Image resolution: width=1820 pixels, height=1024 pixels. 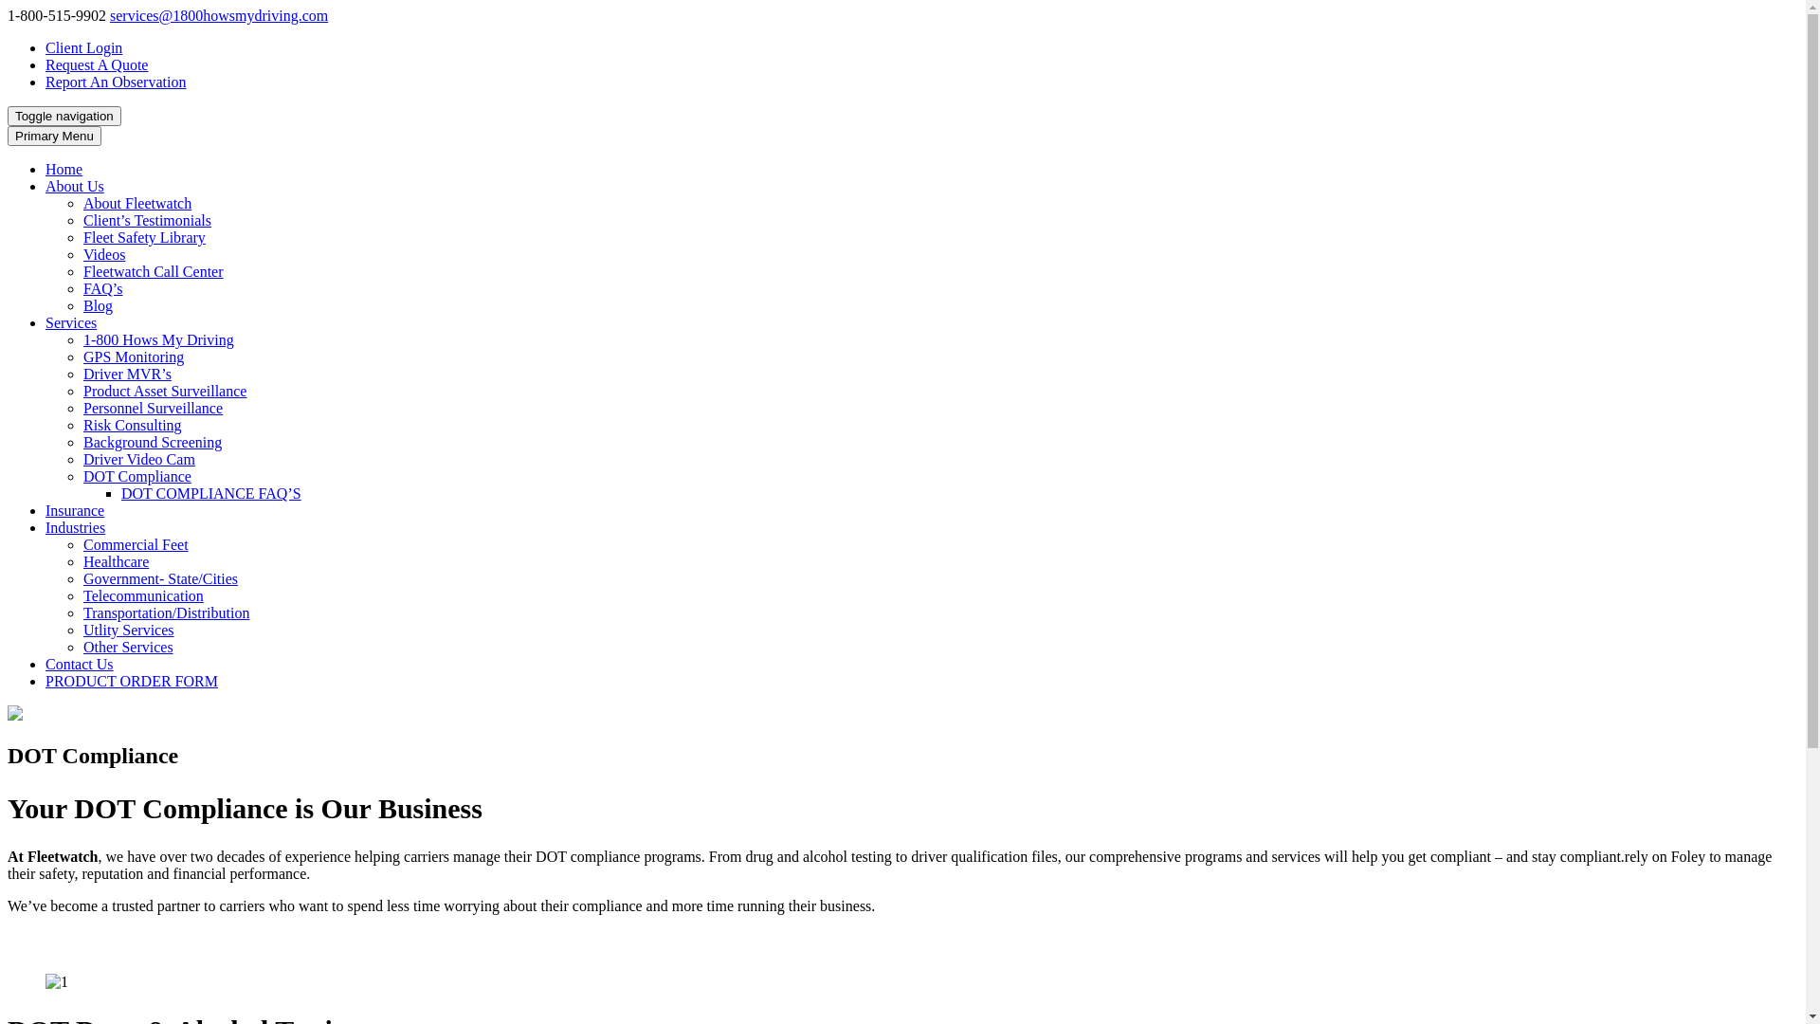 I want to click on 'Toggle navigation', so click(x=64, y=116).